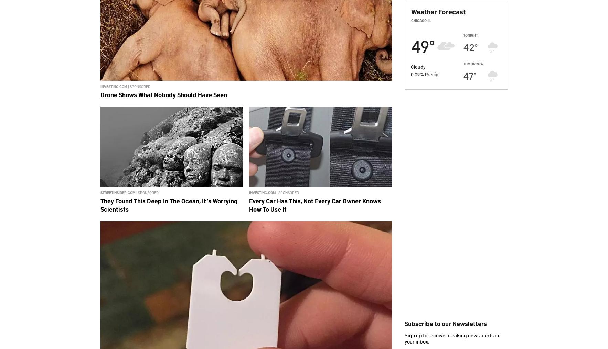  I want to click on 'Sign up to receive breaking news alerts in your inbox.', so click(451, 338).